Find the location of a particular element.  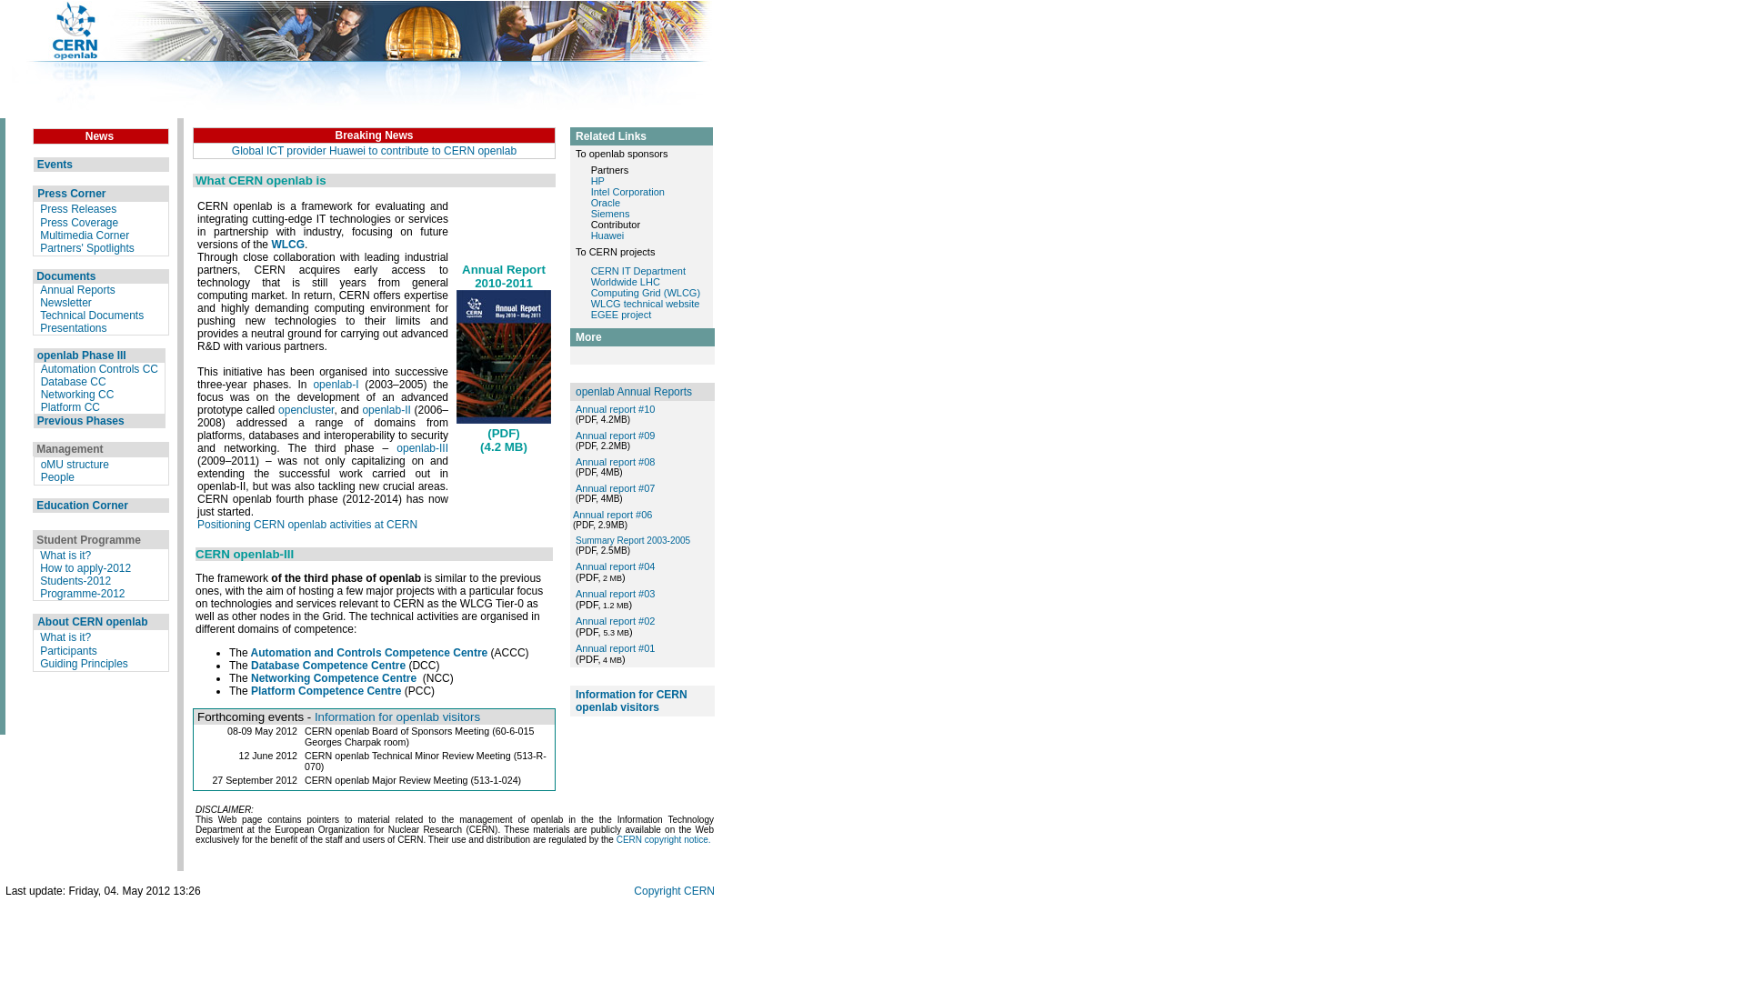

'Press Releases' is located at coordinates (77, 206).